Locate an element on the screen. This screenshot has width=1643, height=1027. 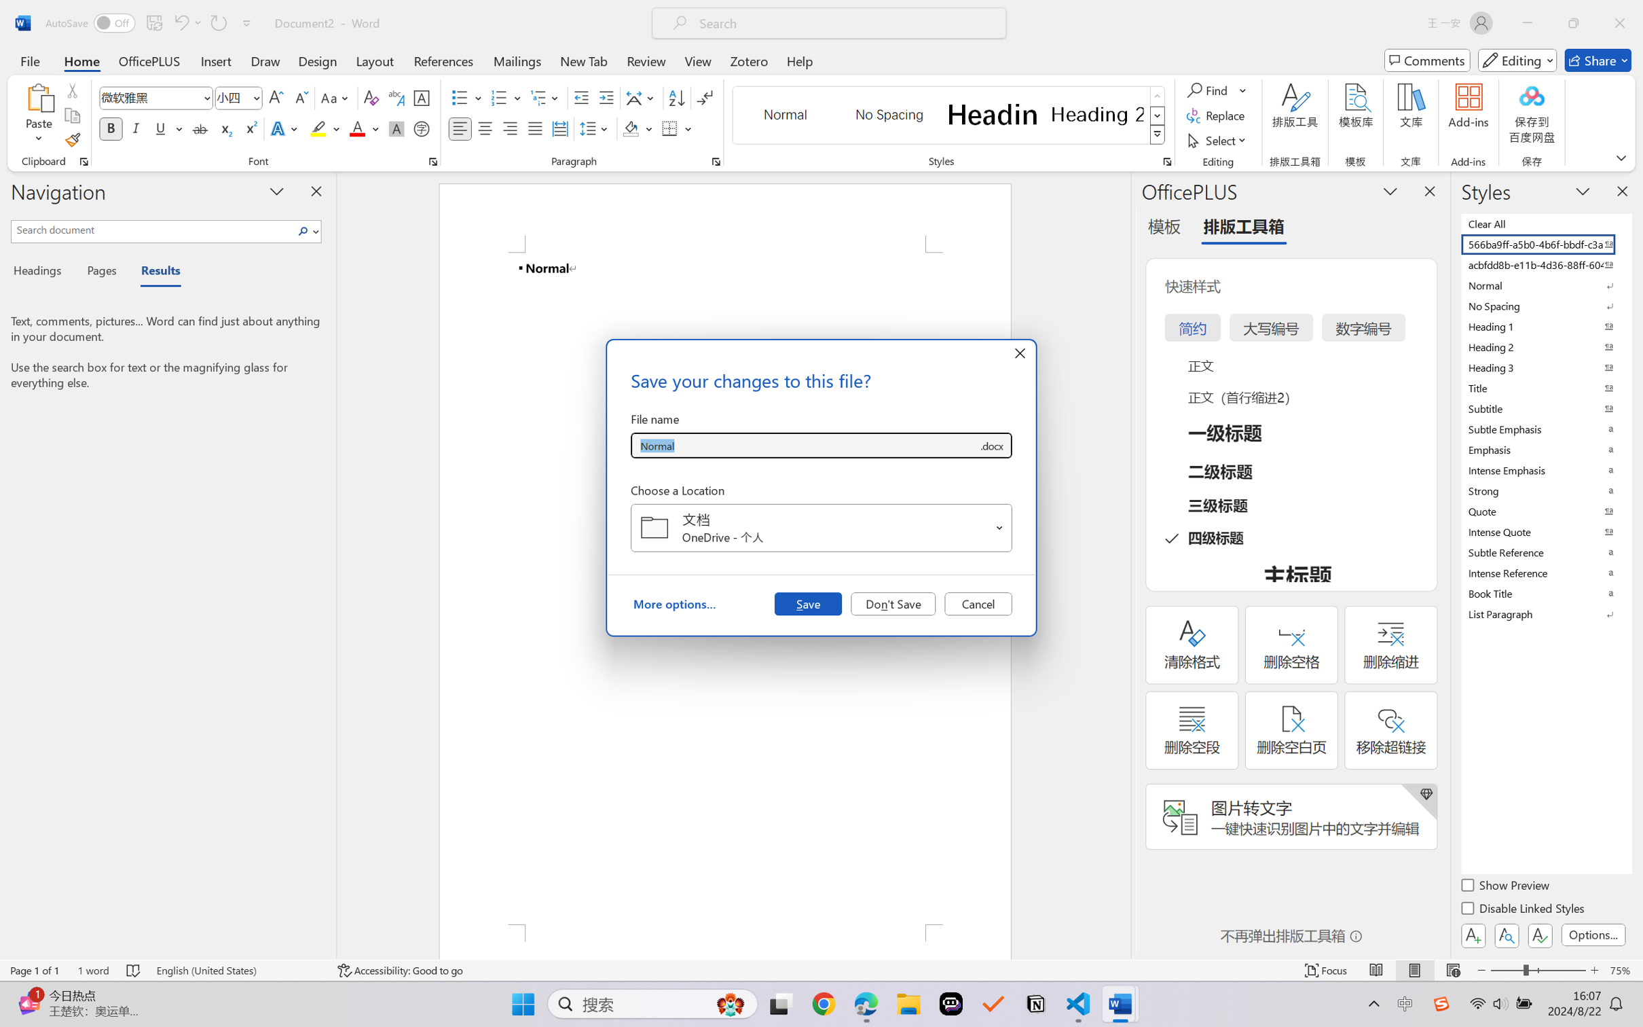
'Zotero' is located at coordinates (748, 60).